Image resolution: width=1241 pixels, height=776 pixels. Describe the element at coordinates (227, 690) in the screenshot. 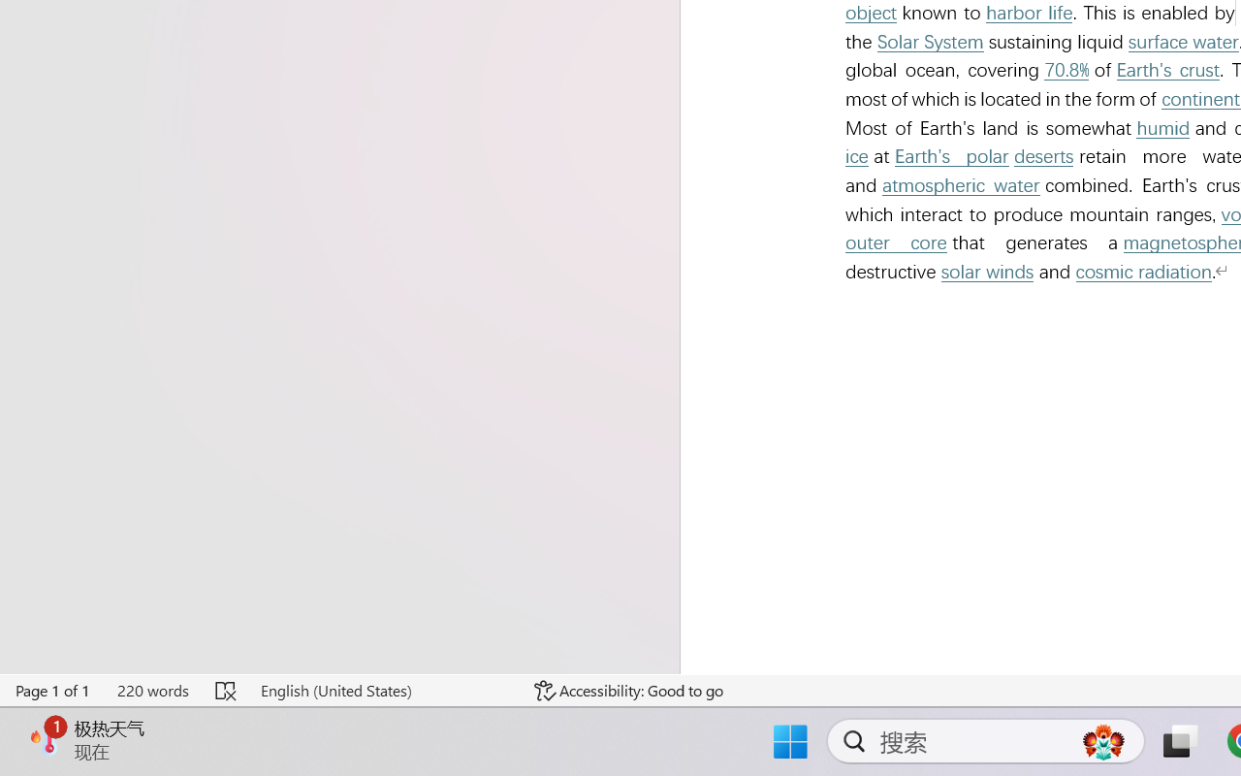

I see `'Spelling and Grammar Check Errors'` at that location.